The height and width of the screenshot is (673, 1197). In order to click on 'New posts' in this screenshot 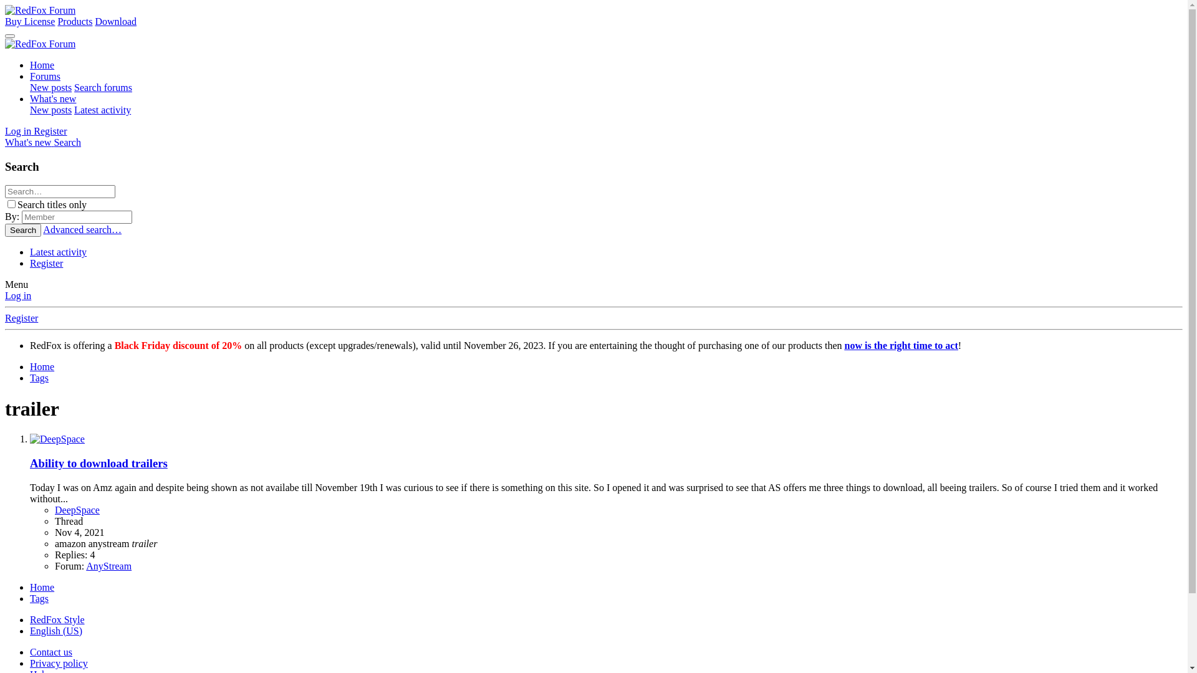, I will do `click(30, 87)`.